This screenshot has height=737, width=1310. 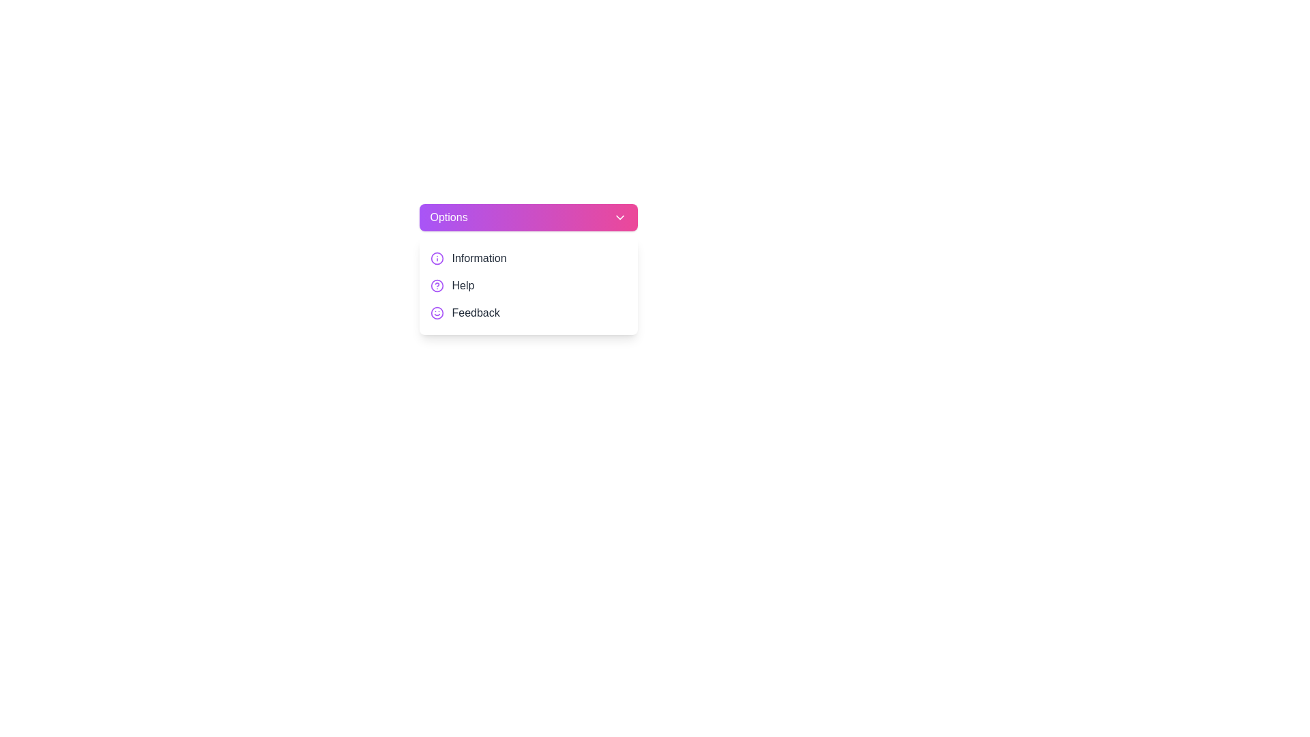 I want to click on the help text label in the dropdown menu, which is the second item under the 'Options' header, so click(x=463, y=285).